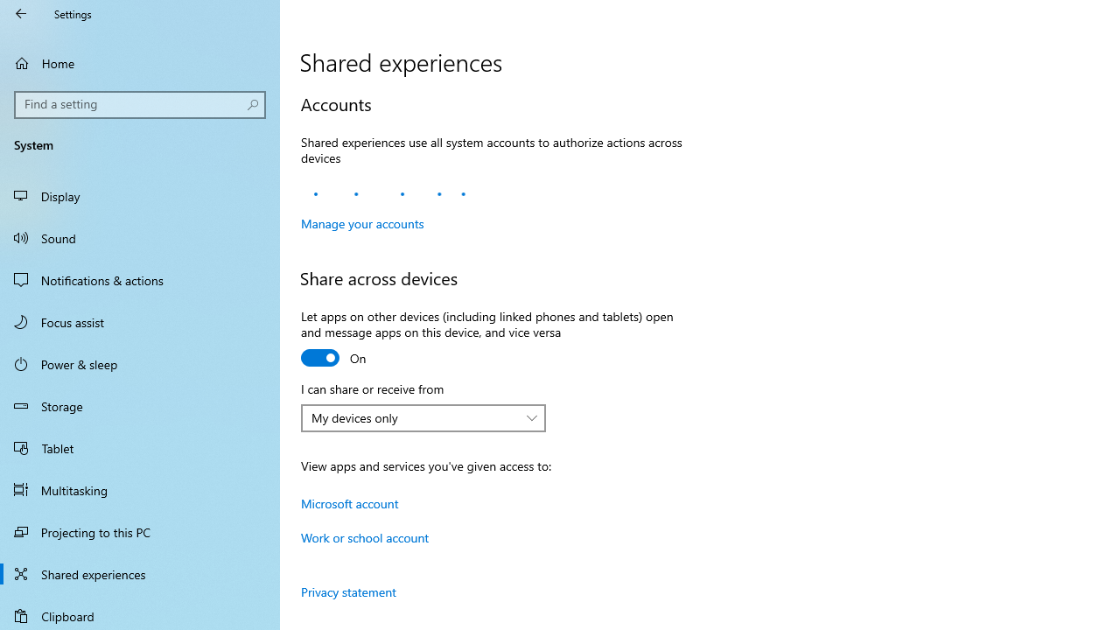 This screenshot has height=630, width=1120. Describe the element at coordinates (140, 362) in the screenshot. I see `'Power & sleep'` at that location.